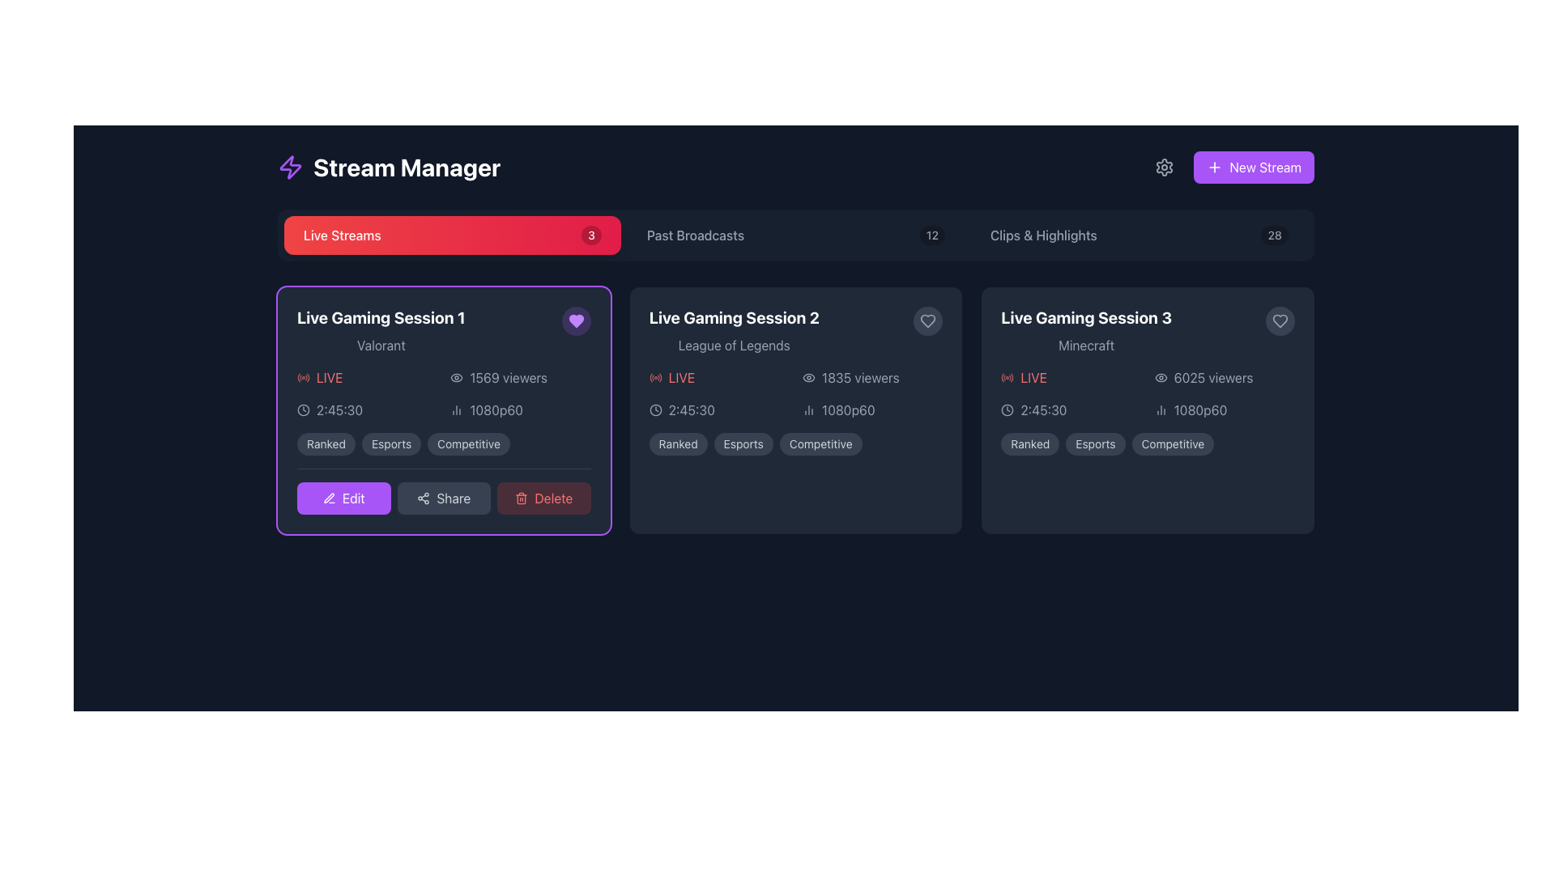 The width and height of the screenshot is (1555, 874). Describe the element at coordinates (1147, 393) in the screenshot. I see `the interactive elements within the Information Display Section of the 'Live Gaming Session 3' card beneath the title 'Minecraft'` at that location.